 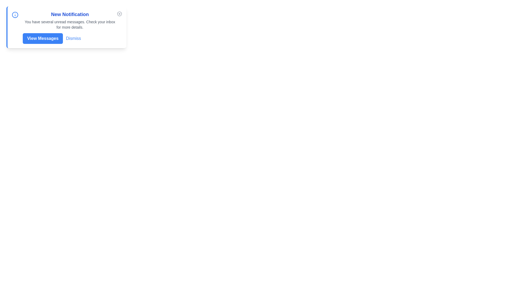 I want to click on the left-most button in the notification panel, so click(x=42, y=38).